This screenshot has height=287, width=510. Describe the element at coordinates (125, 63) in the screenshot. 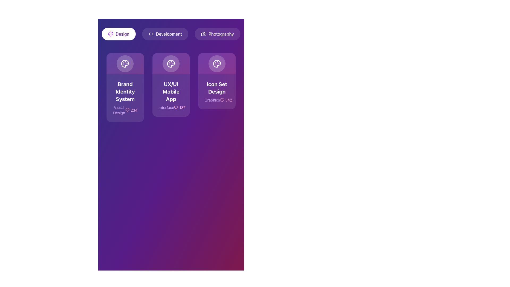

I see `the Decorative icon, which is a circular painter's palette graphic with a white outline, located in the first card under the 'Design' tab` at that location.